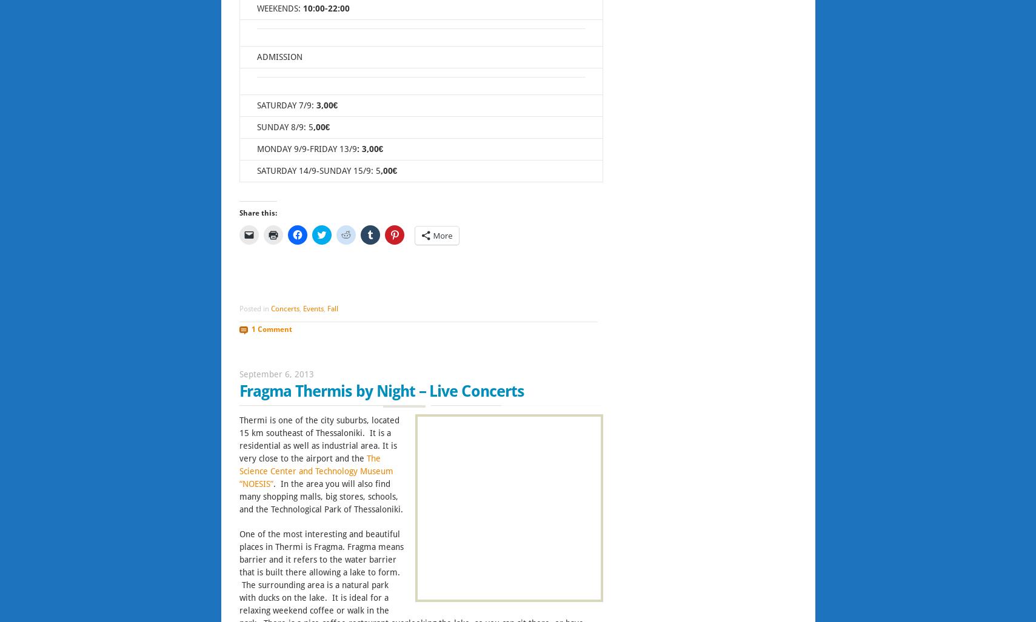  Describe the element at coordinates (315, 470) in the screenshot. I see `'The Science Center and Technology Museum “NOESIS”'` at that location.